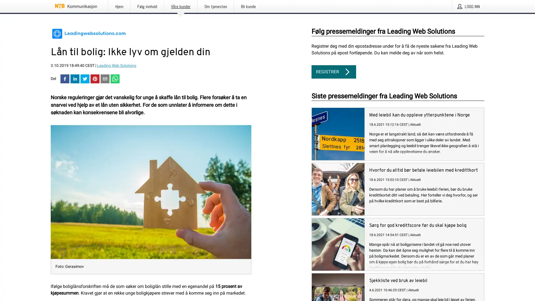  Describe the element at coordinates (65, 79) in the screenshot. I see `facebook` at that location.